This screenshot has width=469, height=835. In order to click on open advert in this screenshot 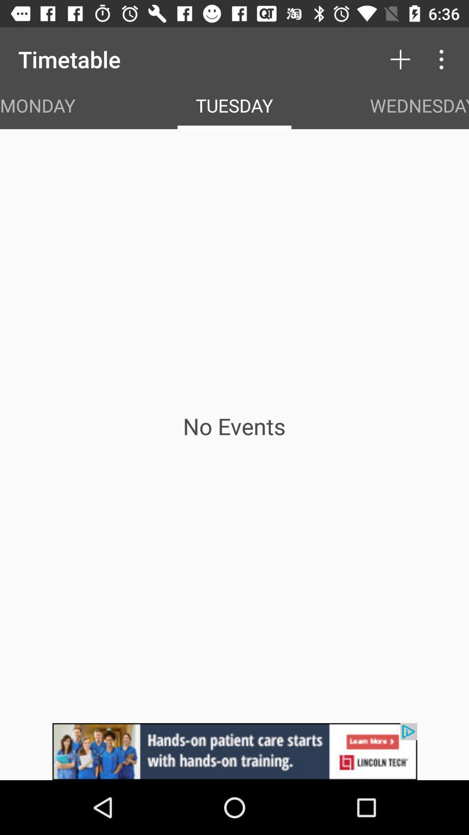, I will do `click(234, 751)`.